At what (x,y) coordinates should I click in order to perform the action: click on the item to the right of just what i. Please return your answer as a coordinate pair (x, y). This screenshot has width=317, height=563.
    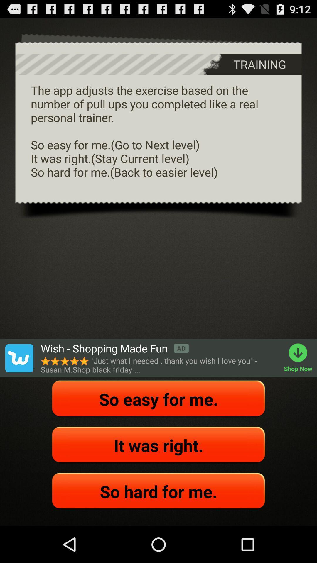
    Looking at the image, I should click on (300, 358).